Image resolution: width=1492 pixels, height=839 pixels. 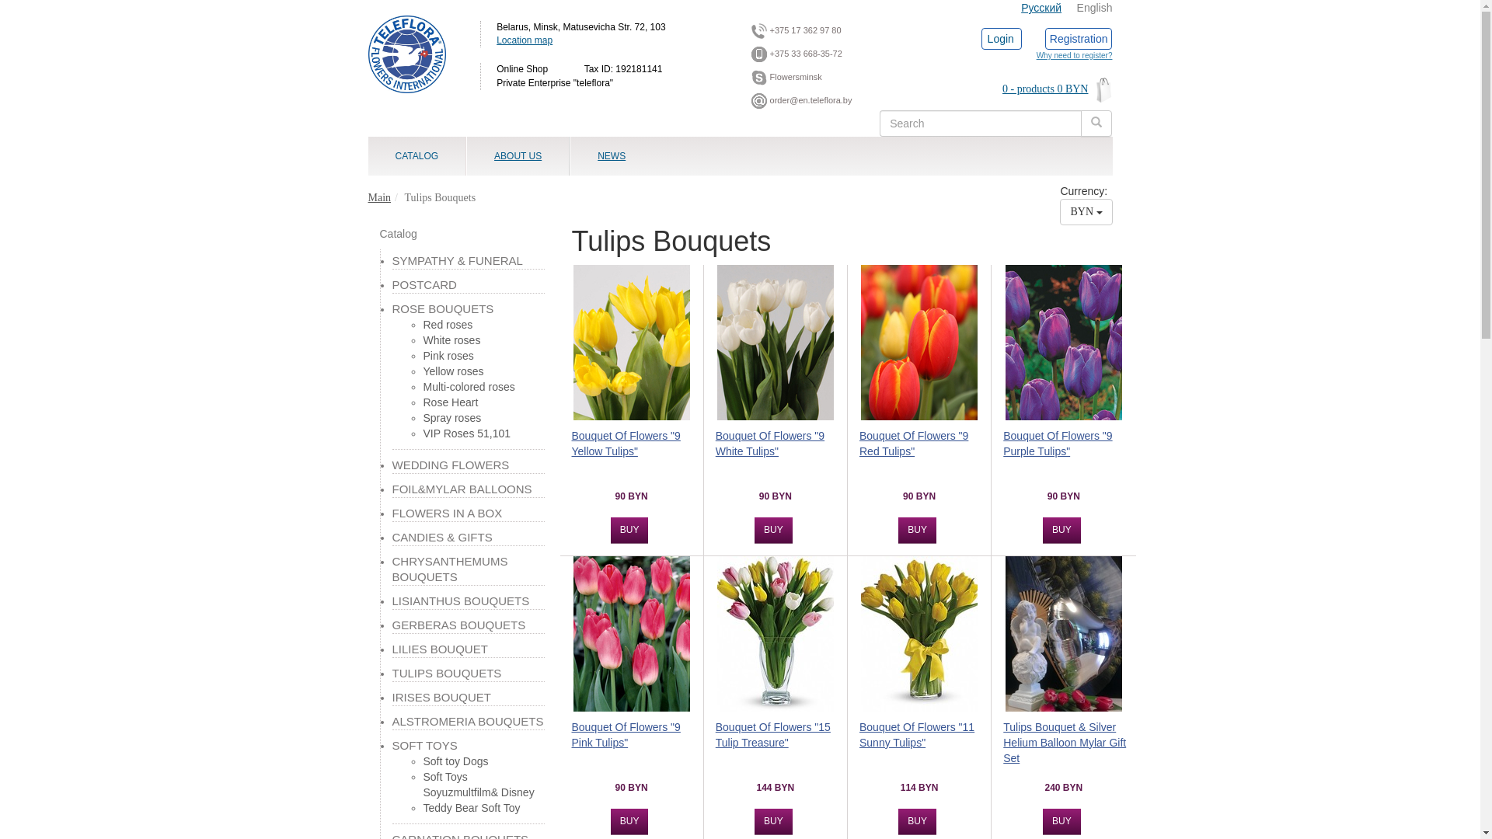 I want to click on 'Pink roses', so click(x=447, y=356).